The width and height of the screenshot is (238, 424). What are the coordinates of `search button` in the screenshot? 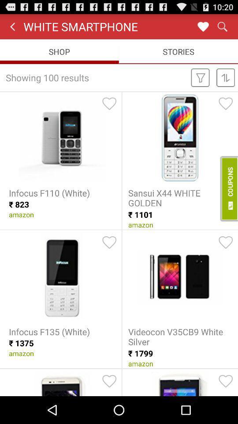 It's located at (222, 26).